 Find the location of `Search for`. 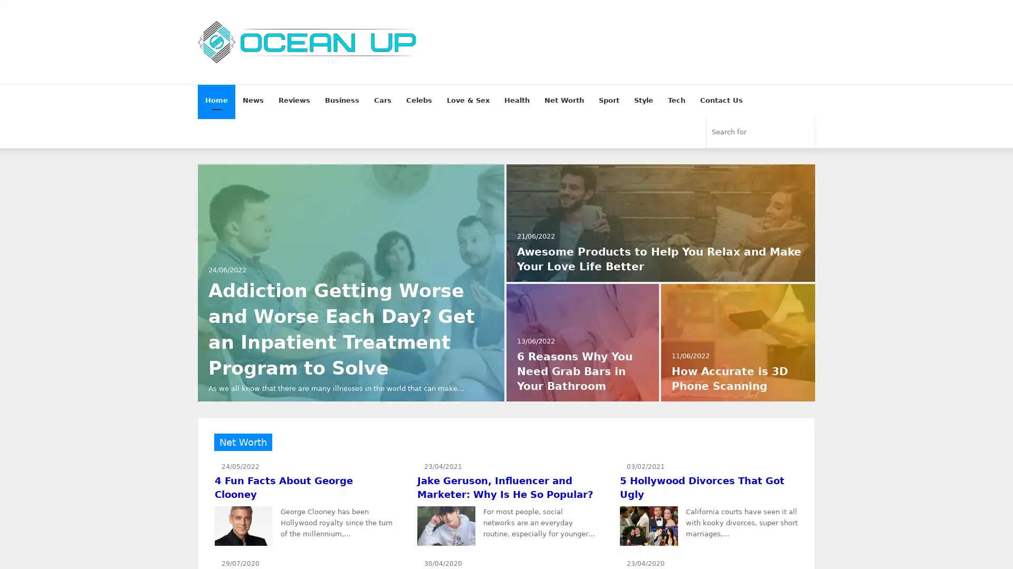

Search for is located at coordinates (803, 131).